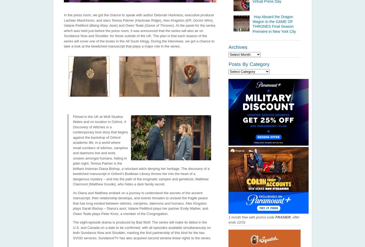 The image size is (365, 247). What do you see at coordinates (98, 119) in the screenshot?
I see `'Filmed in the UK at Wolf Studios Wales and on location in Oxford,'` at bounding box center [98, 119].